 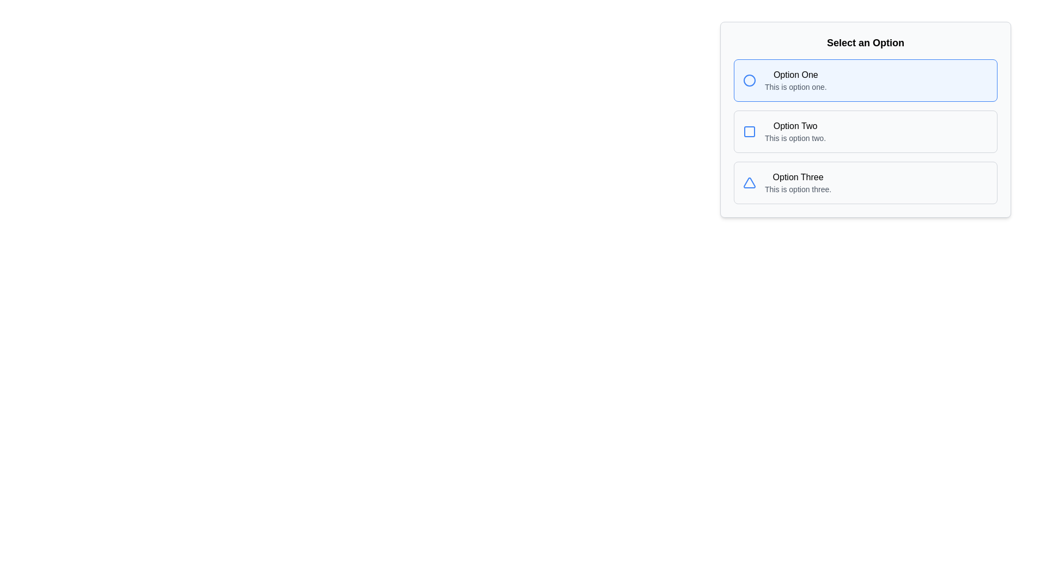 I want to click on the text element reading 'This is option two.' located under the 'Option Two' label in the options list, so click(x=795, y=138).